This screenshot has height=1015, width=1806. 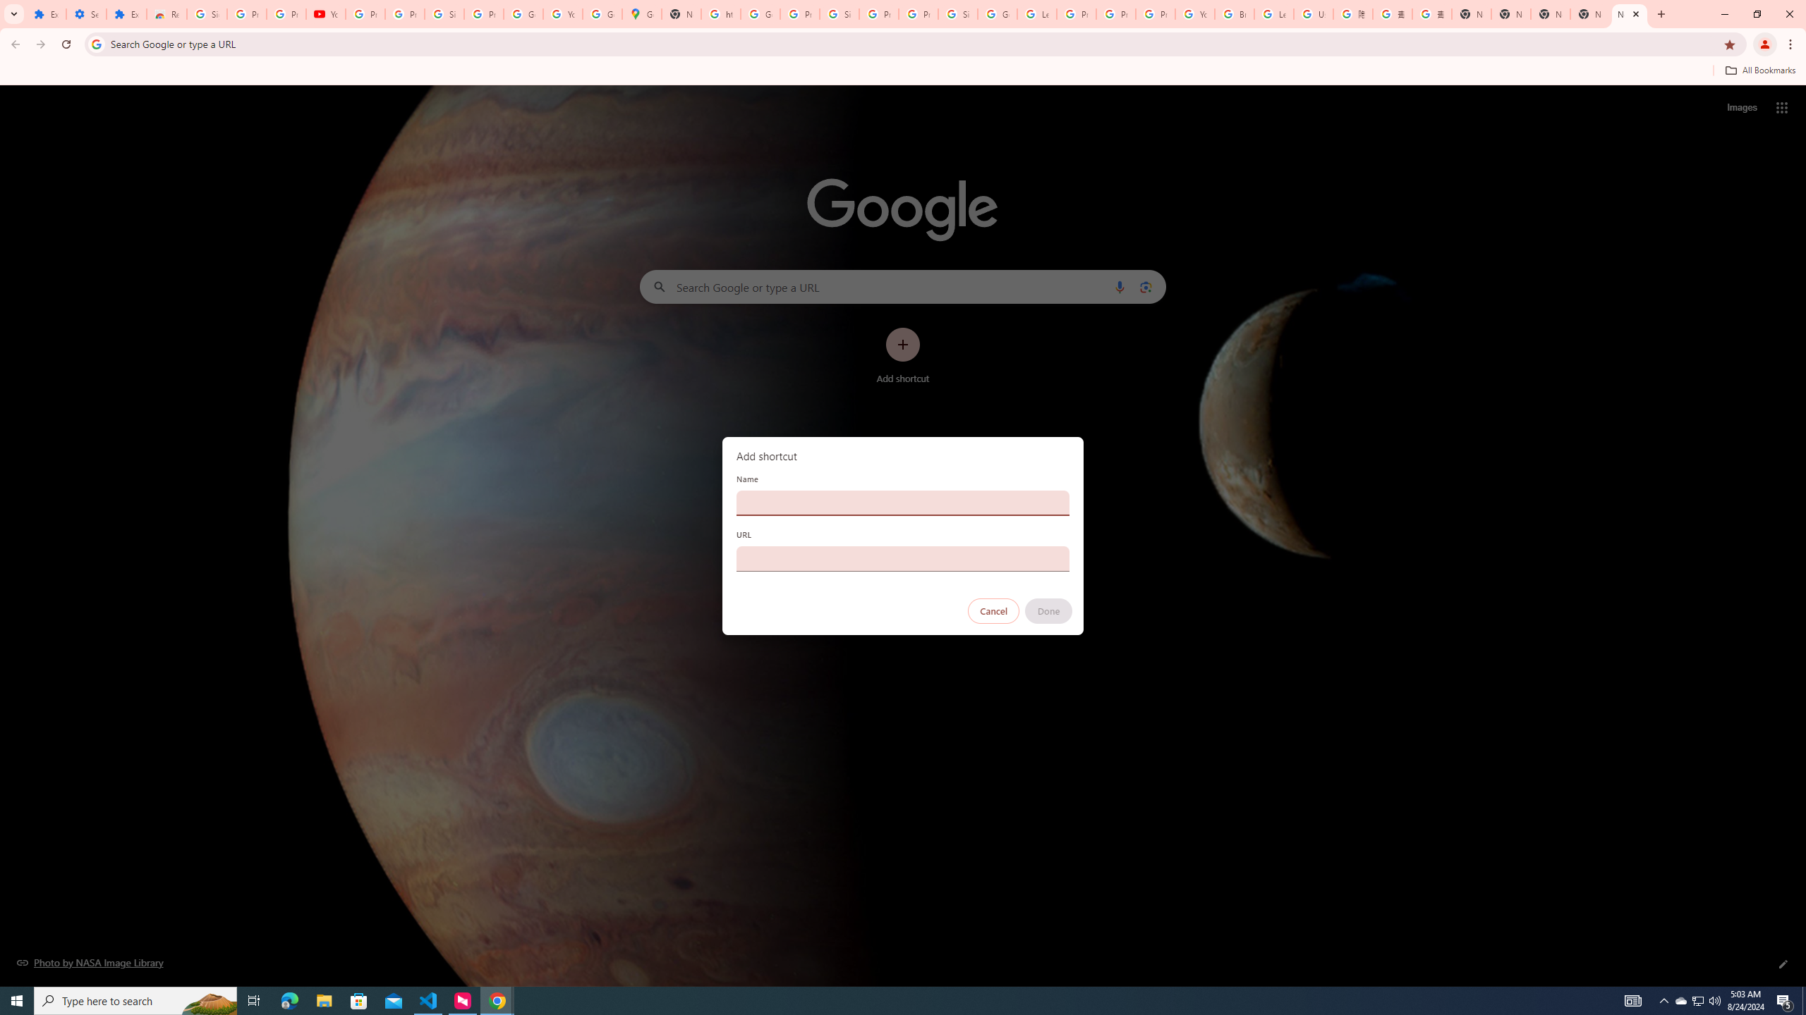 I want to click on 'https://scholar.google.com/', so click(x=721, y=13).